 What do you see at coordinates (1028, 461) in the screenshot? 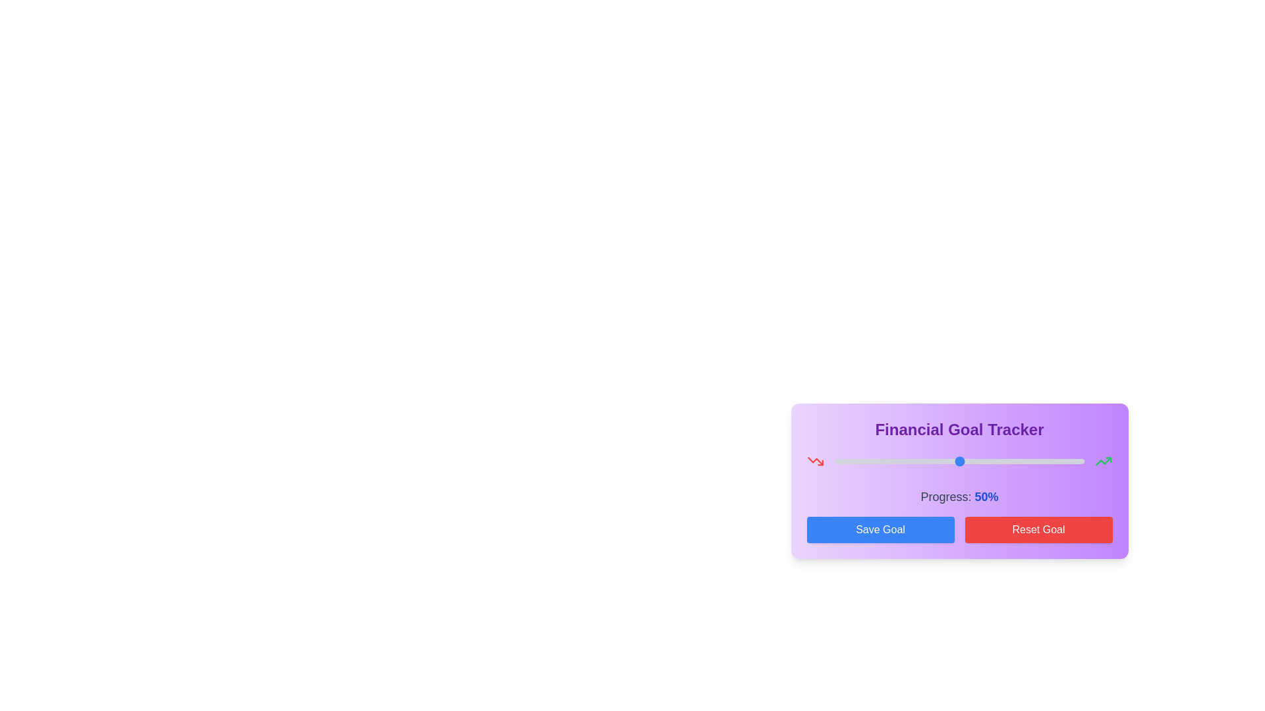
I see `the progress slider to 78%` at bounding box center [1028, 461].